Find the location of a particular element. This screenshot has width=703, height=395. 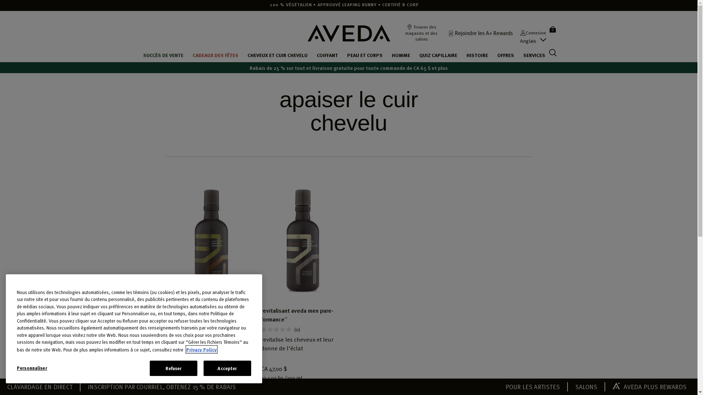

'COIFFANT' is located at coordinates (327, 54).